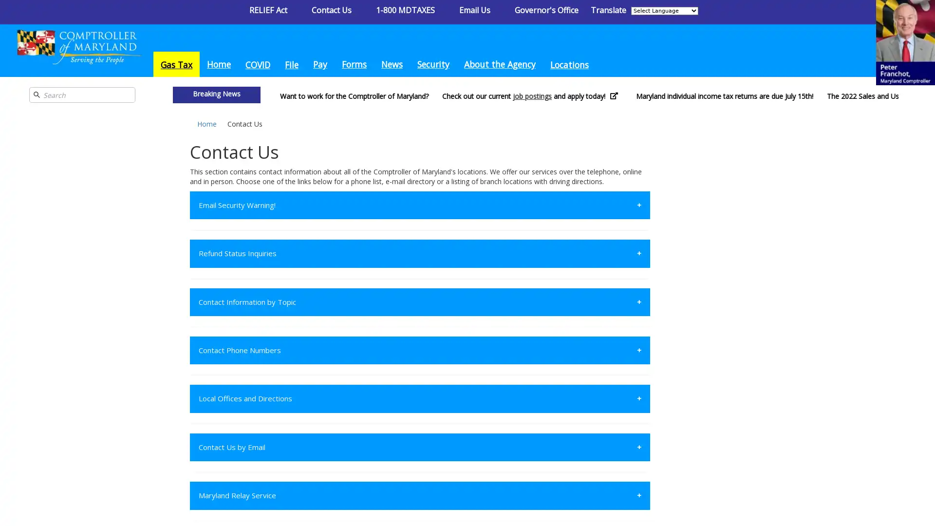  What do you see at coordinates (420, 301) in the screenshot?
I see `Contact Information by Topic +` at bounding box center [420, 301].